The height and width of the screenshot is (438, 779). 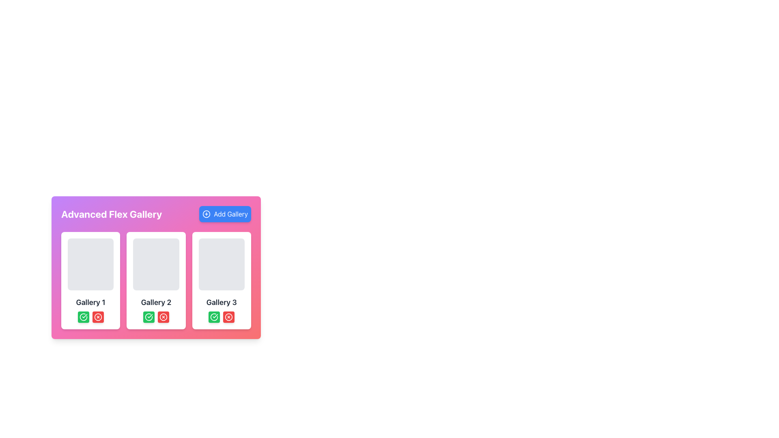 What do you see at coordinates (214, 317) in the screenshot?
I see `the confirmation button associated with 'Gallery 3'` at bounding box center [214, 317].